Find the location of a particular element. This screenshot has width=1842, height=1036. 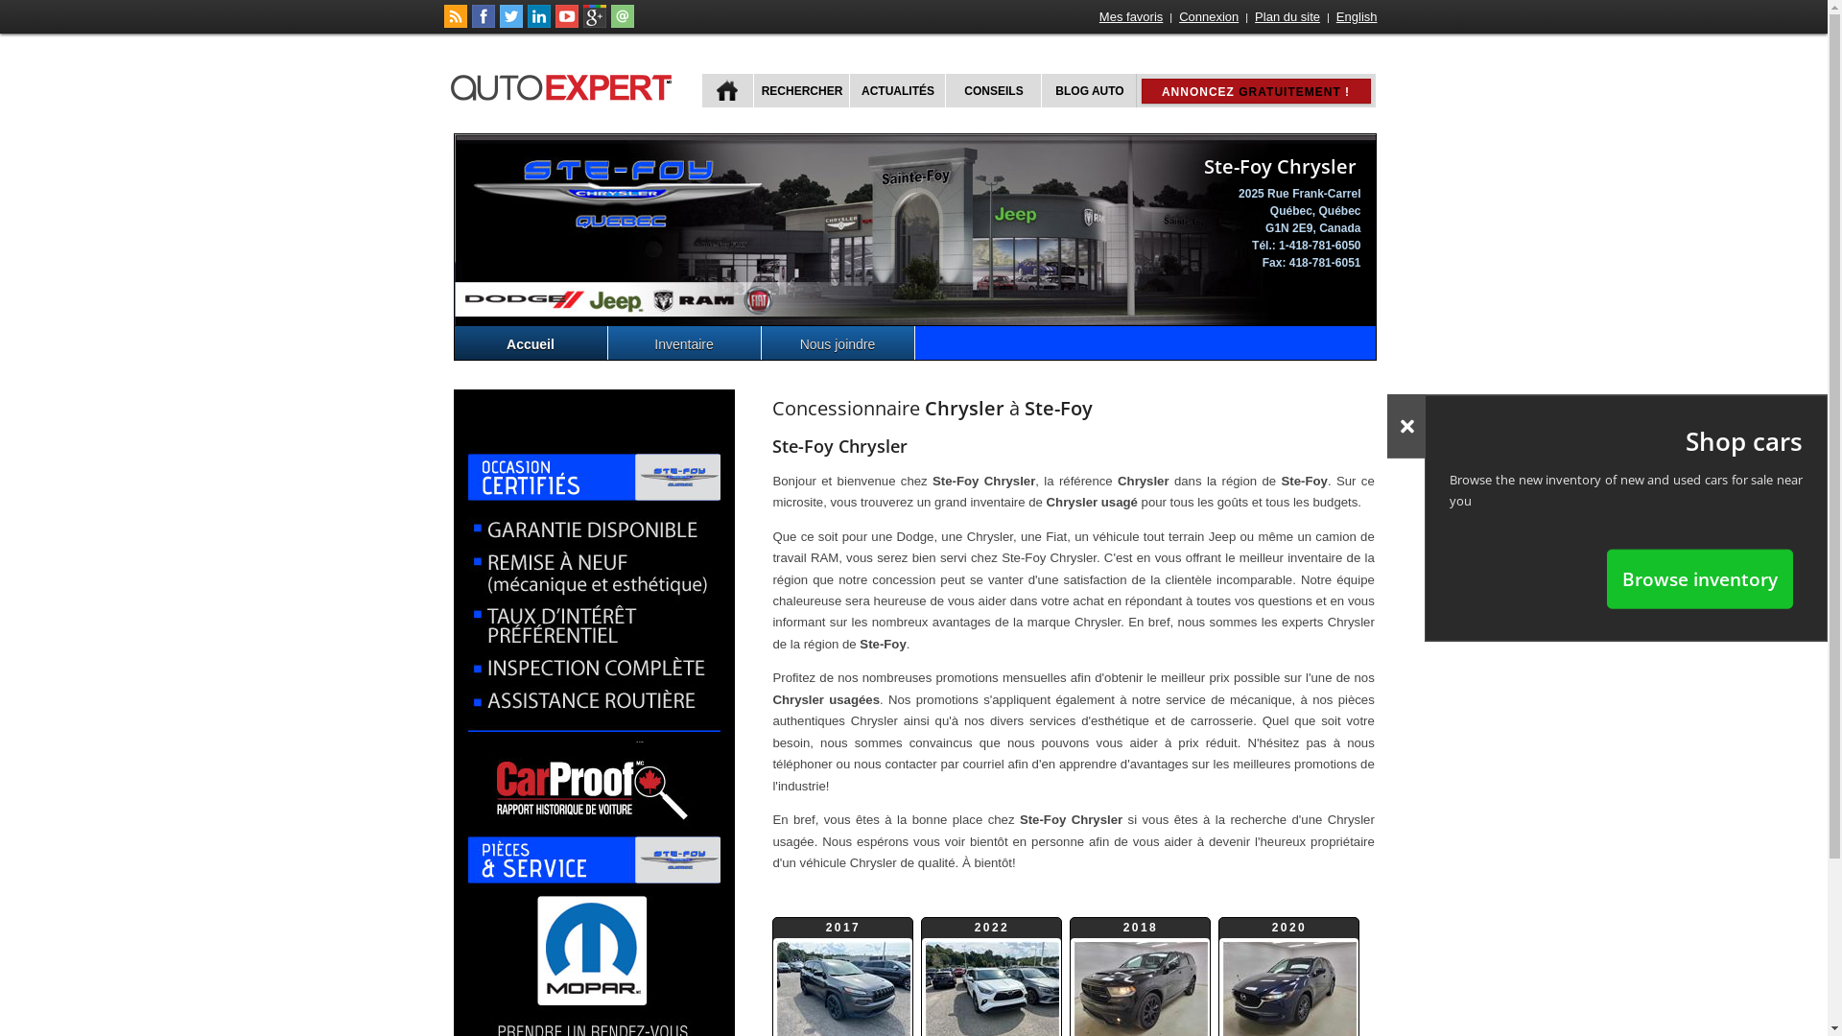

'BLOG AUTO' is located at coordinates (1087, 90).